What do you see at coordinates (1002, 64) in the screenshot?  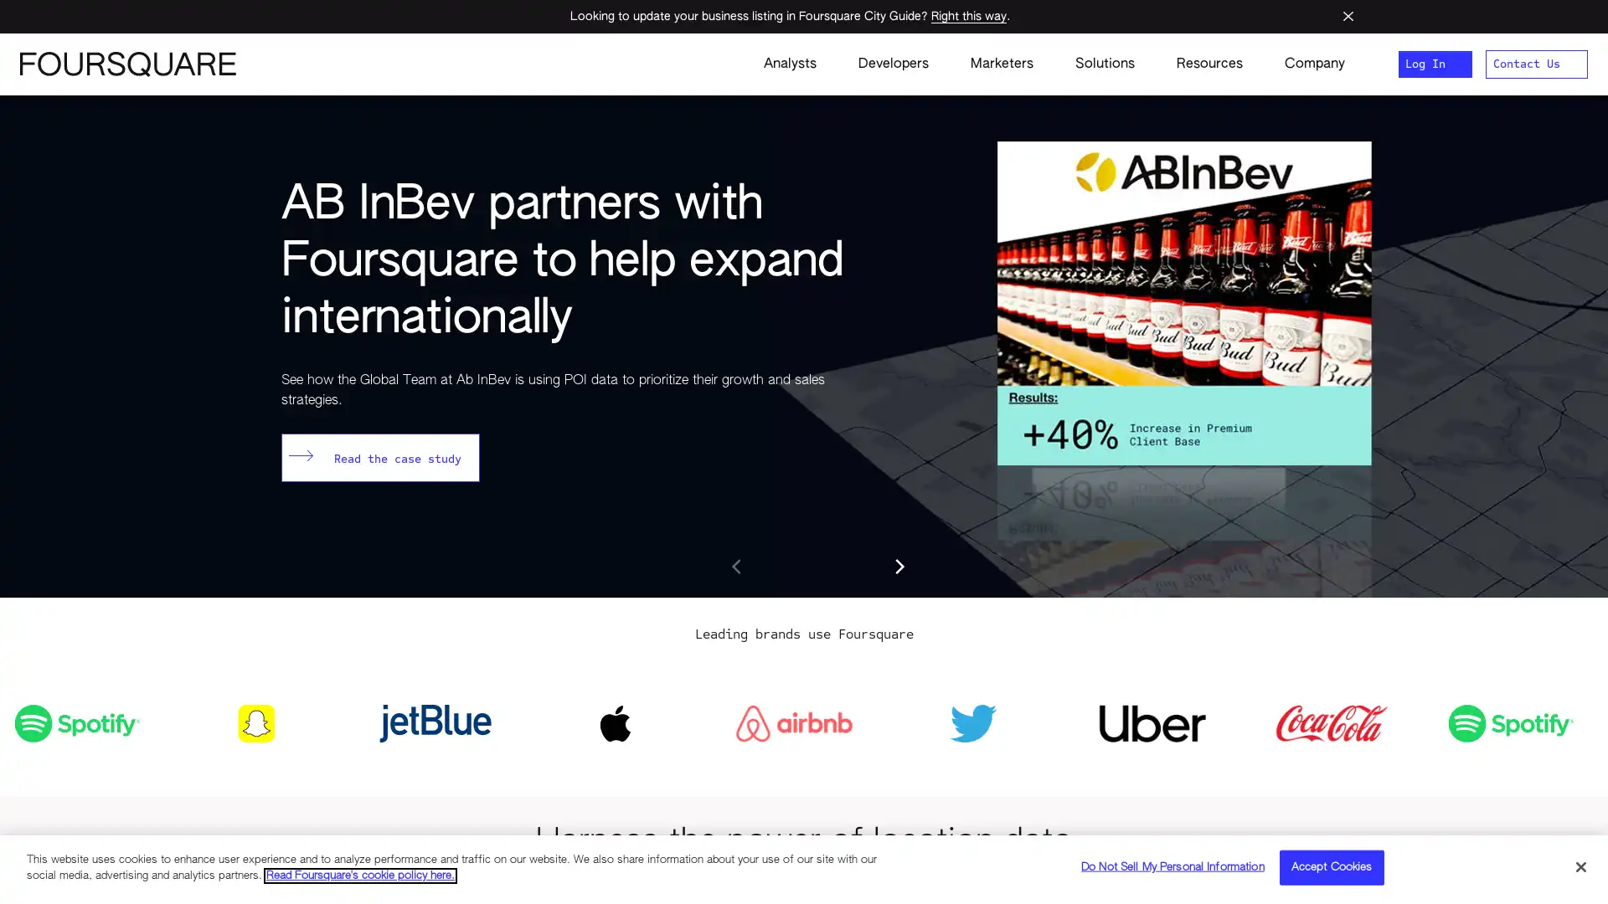 I see `Marketers` at bounding box center [1002, 64].